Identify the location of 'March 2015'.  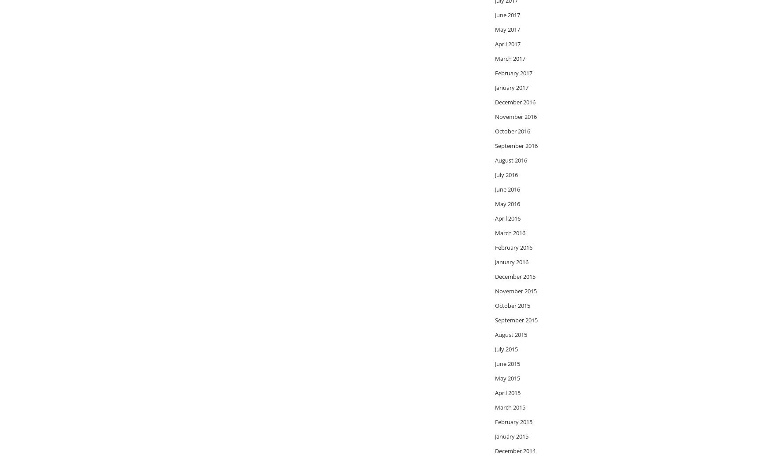
(510, 407).